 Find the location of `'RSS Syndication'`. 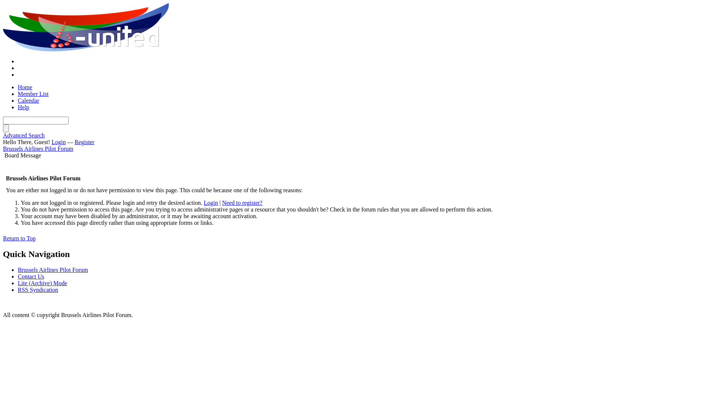

'RSS Syndication' is located at coordinates (37, 289).